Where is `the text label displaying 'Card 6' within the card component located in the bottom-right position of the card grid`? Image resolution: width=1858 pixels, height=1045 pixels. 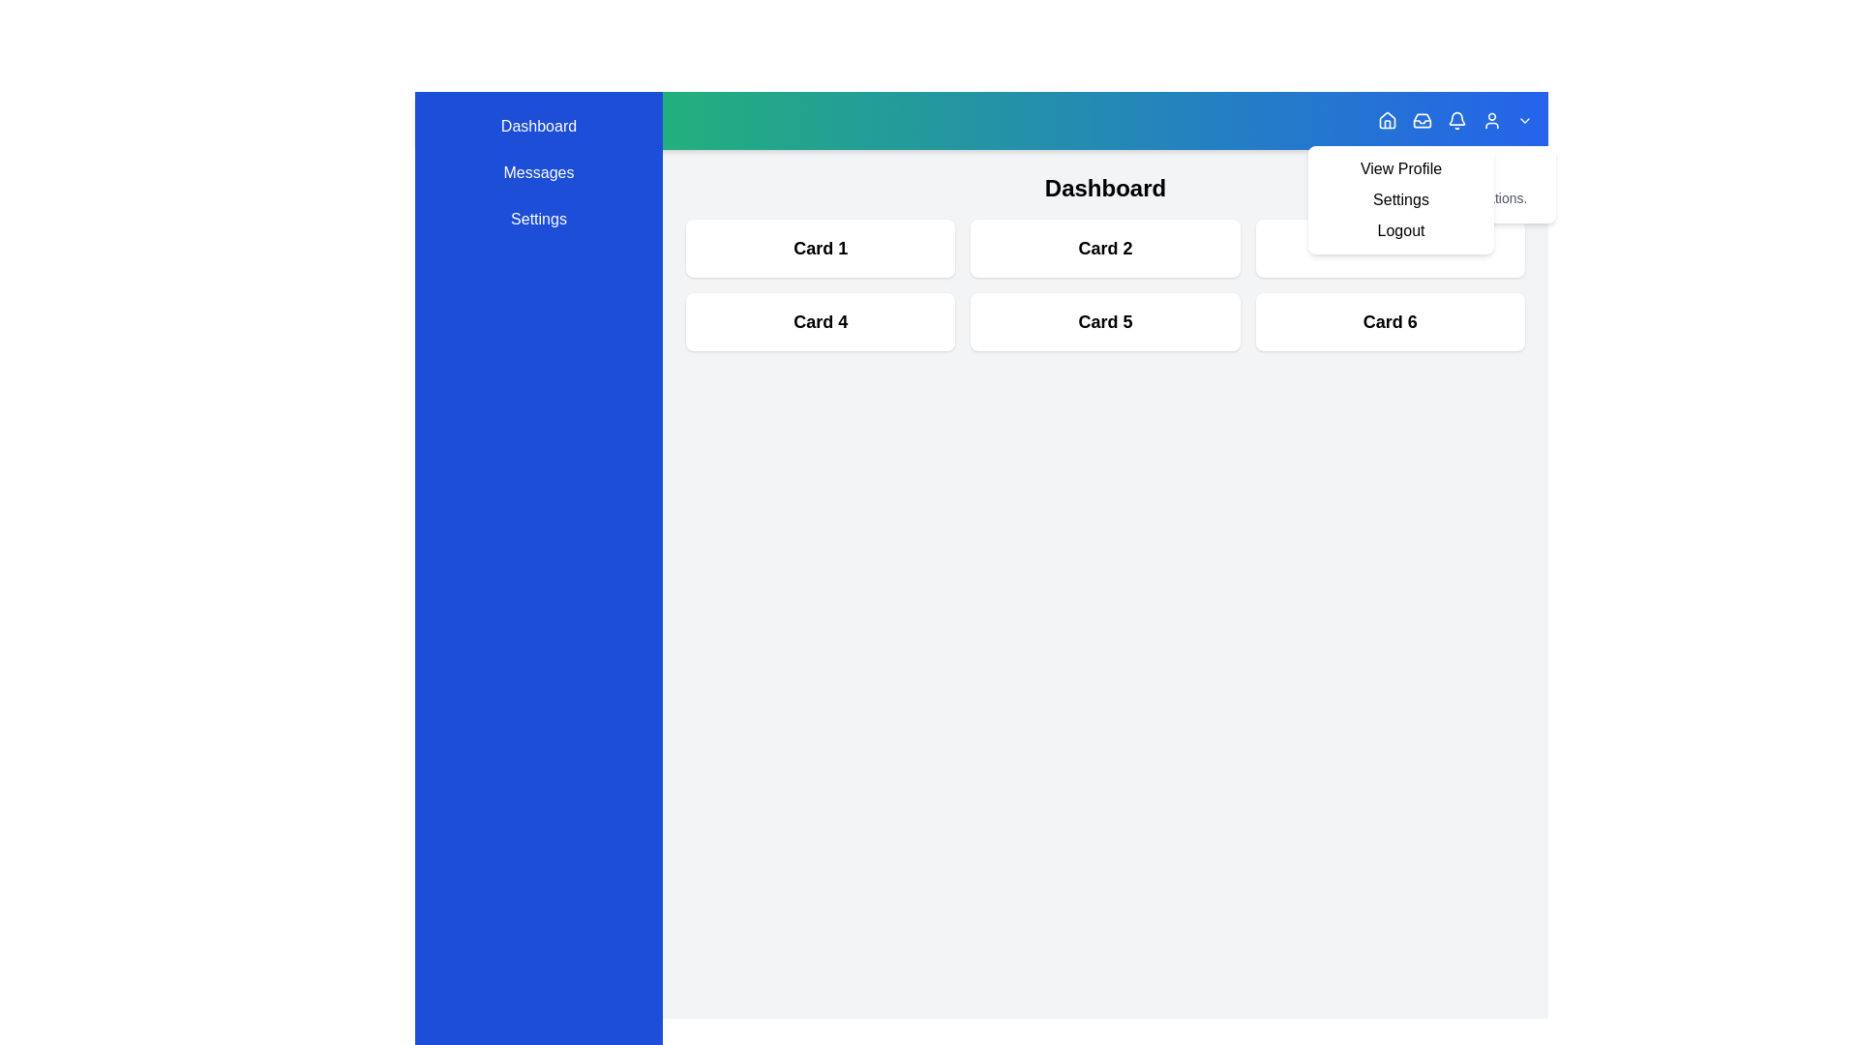 the text label displaying 'Card 6' within the card component located in the bottom-right position of the card grid is located at coordinates (1389, 320).